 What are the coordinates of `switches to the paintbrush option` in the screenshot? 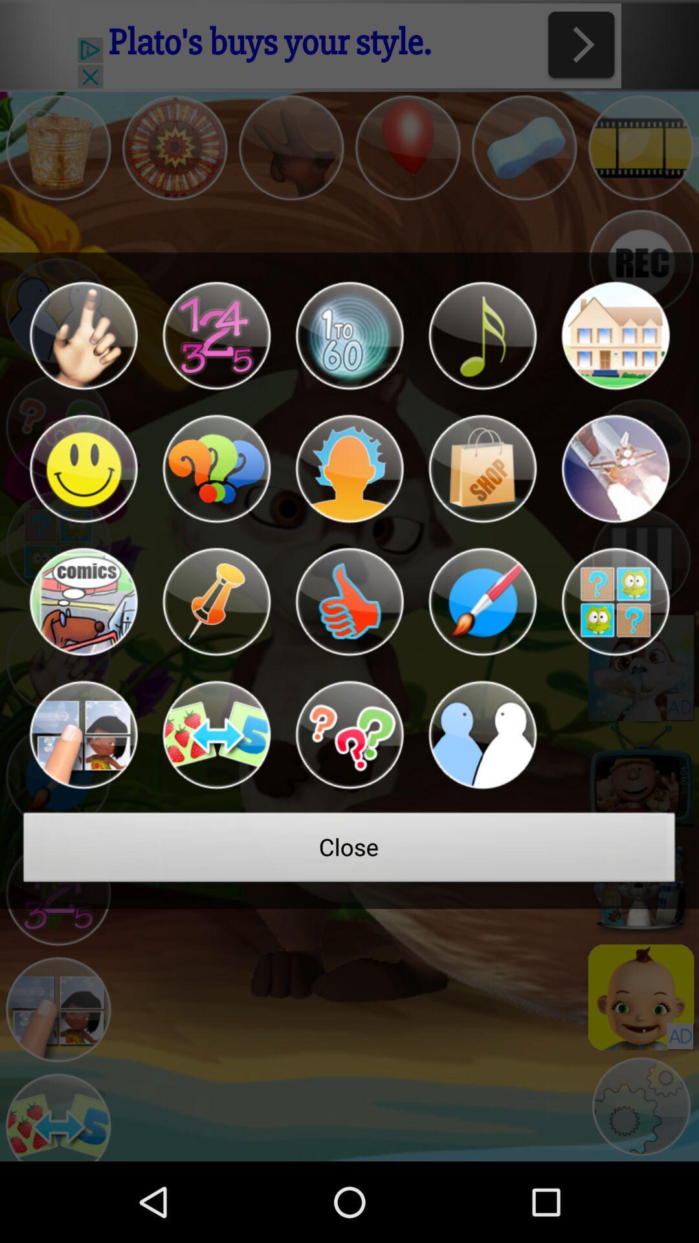 It's located at (482, 601).